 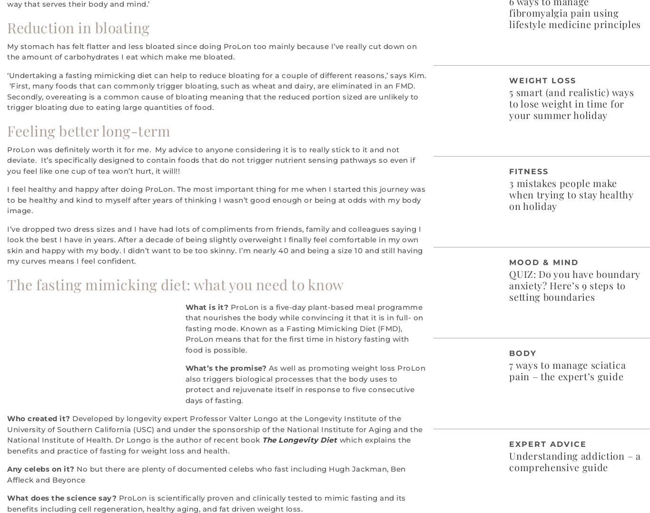 I want to click on '5 smart (and realistic) ways to lose weight in time for your summer holiday', so click(x=571, y=103).